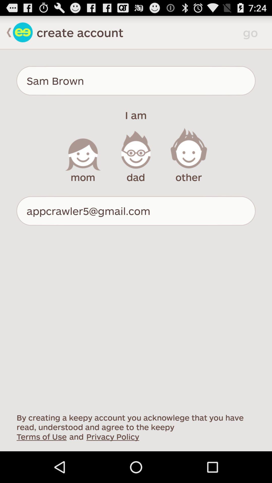 This screenshot has width=272, height=483. What do you see at coordinates (23, 34) in the screenshot?
I see `the emoji icon` at bounding box center [23, 34].